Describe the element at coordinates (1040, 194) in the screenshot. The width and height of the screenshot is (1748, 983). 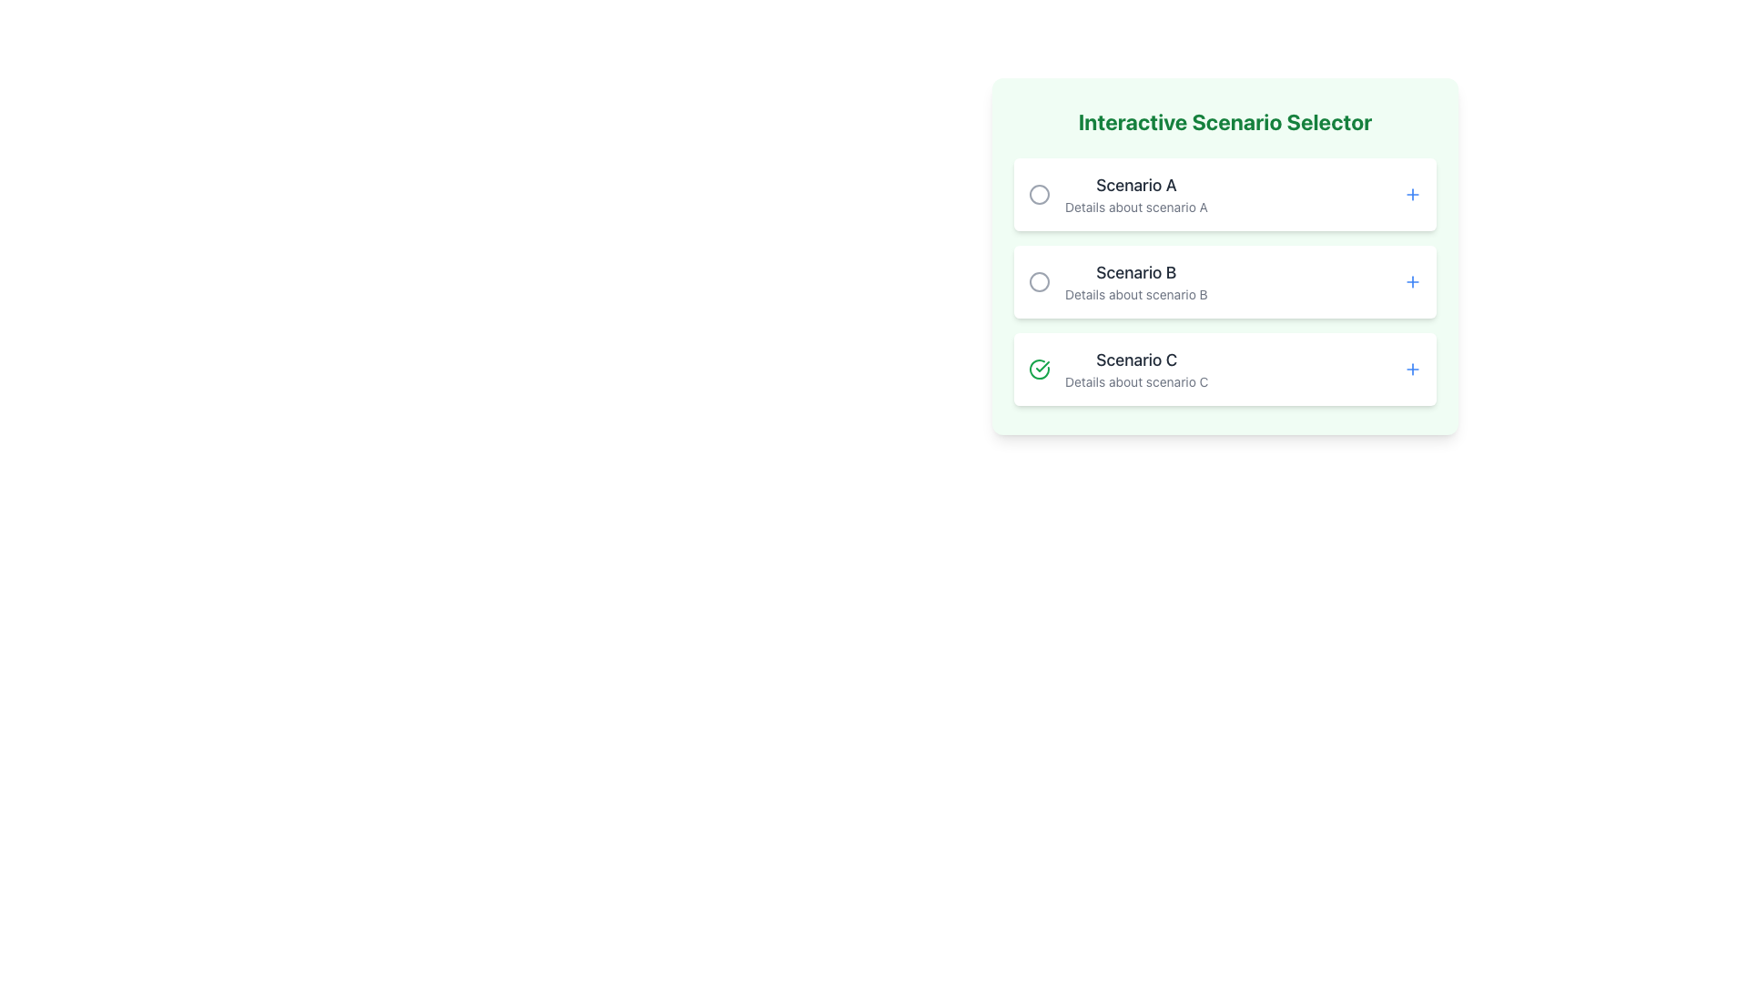
I see `the leftmost interactive circular indicator icon preceding the text 'Scenario A'` at that location.